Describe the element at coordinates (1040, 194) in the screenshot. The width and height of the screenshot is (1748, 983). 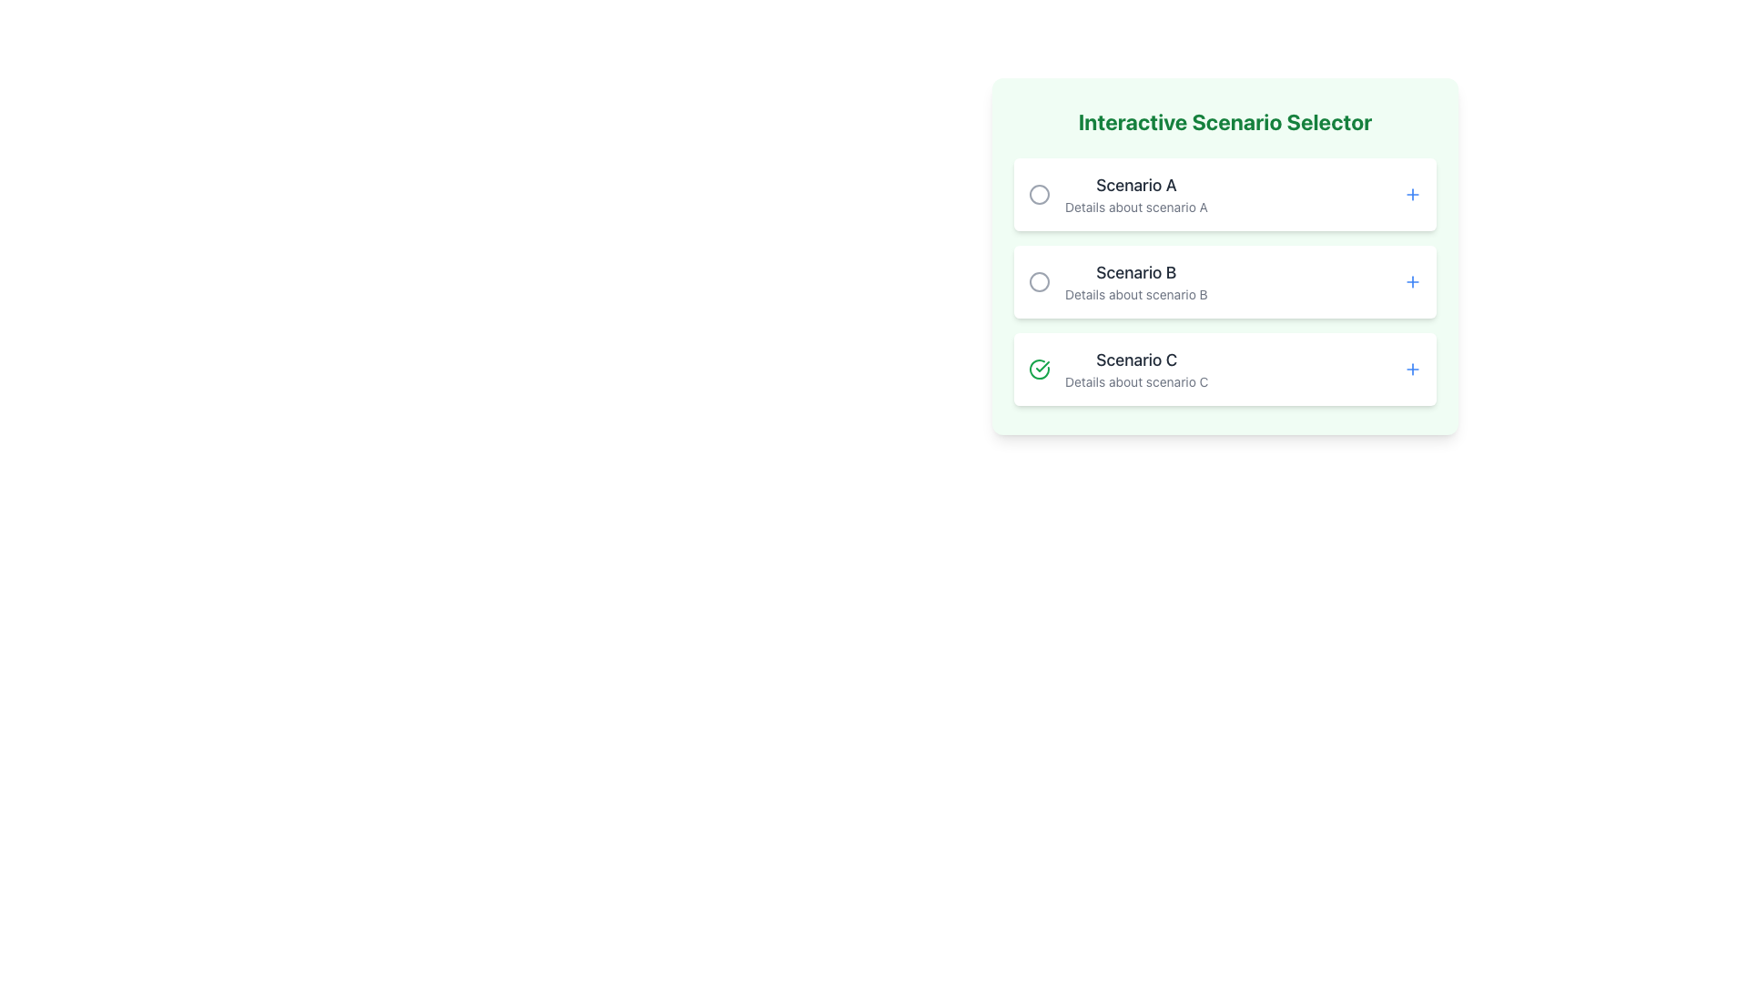
I see `the leftmost interactive circular indicator icon preceding the text 'Scenario A'` at that location.